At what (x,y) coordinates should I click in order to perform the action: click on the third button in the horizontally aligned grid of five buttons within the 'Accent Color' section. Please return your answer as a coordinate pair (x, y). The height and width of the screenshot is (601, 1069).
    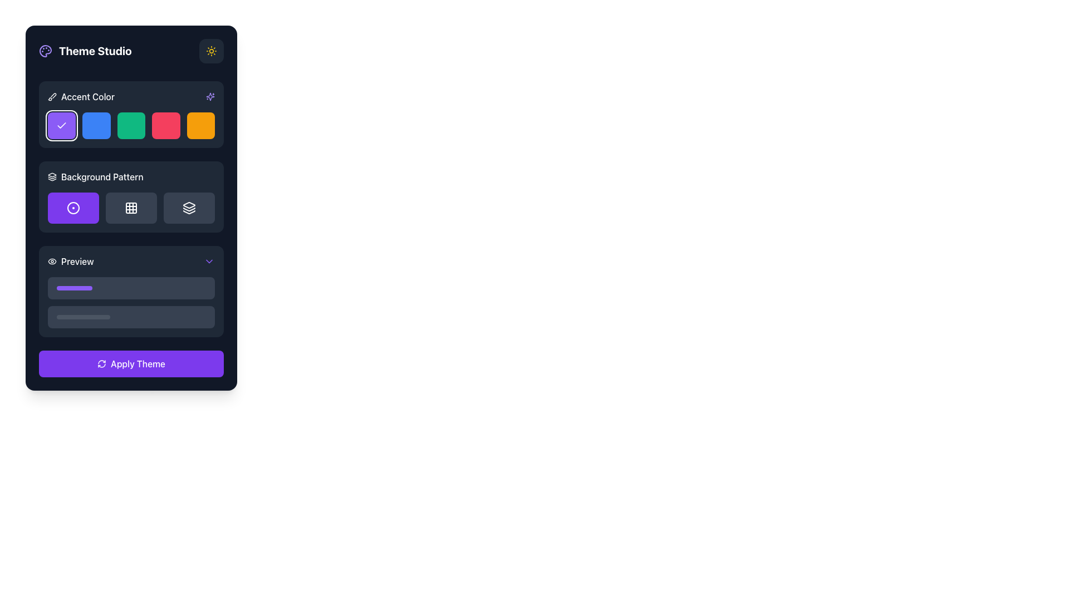
    Looking at the image, I should click on (131, 125).